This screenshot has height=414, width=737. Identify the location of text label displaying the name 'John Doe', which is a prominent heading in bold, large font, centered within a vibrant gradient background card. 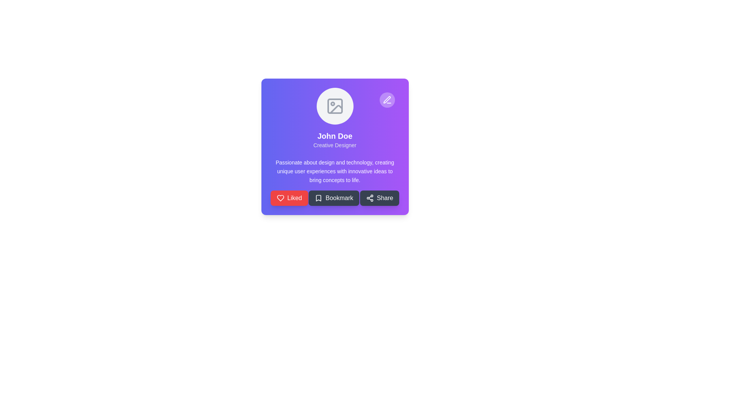
(335, 135).